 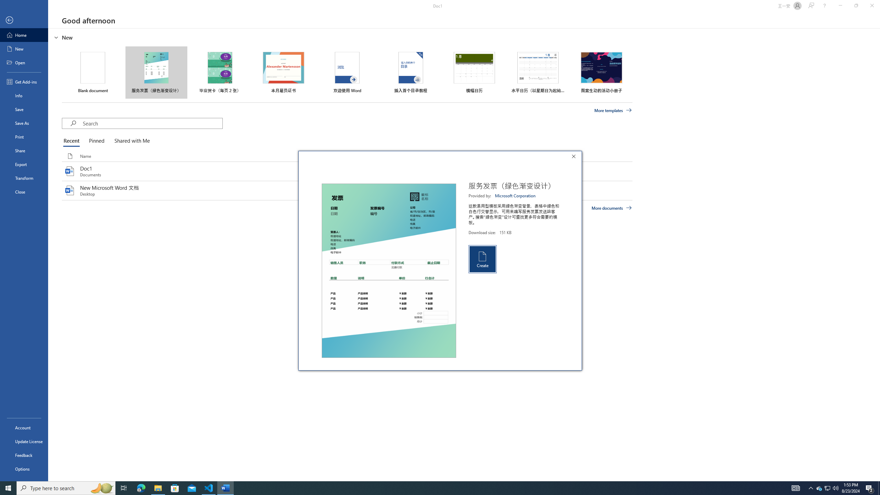 I want to click on 'Hide or show region', so click(x=56, y=37).